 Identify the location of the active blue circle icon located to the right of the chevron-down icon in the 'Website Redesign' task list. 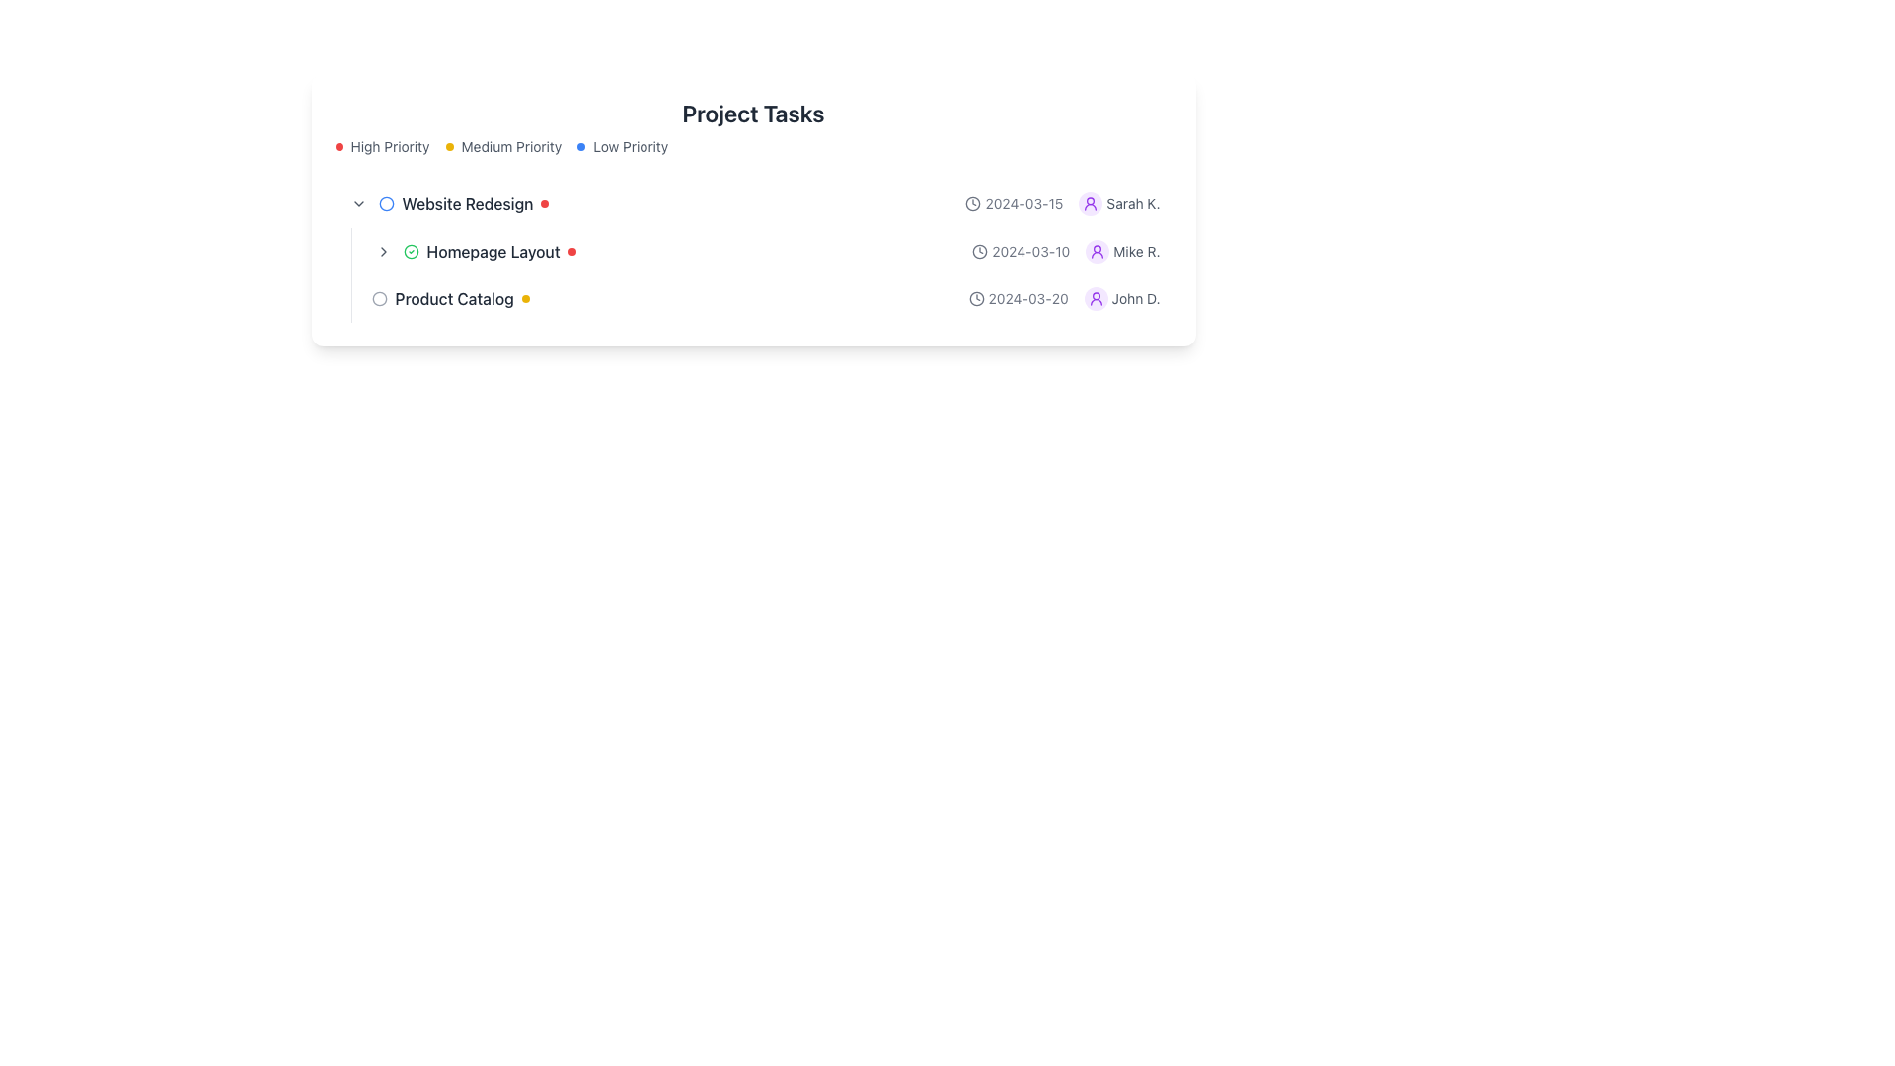
(386, 204).